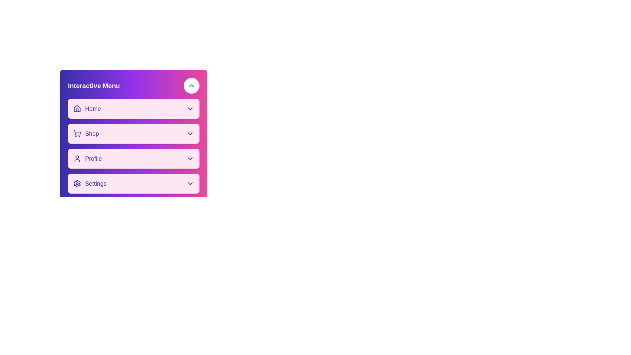  What do you see at coordinates (93, 108) in the screenshot?
I see `the 'Home' text label in the interactive menu, which is styled in a large, medium-weight font and distinctly visible against the background` at bounding box center [93, 108].